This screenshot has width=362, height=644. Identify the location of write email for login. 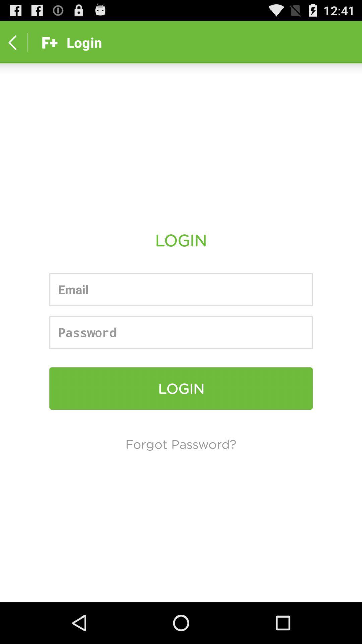
(181, 289).